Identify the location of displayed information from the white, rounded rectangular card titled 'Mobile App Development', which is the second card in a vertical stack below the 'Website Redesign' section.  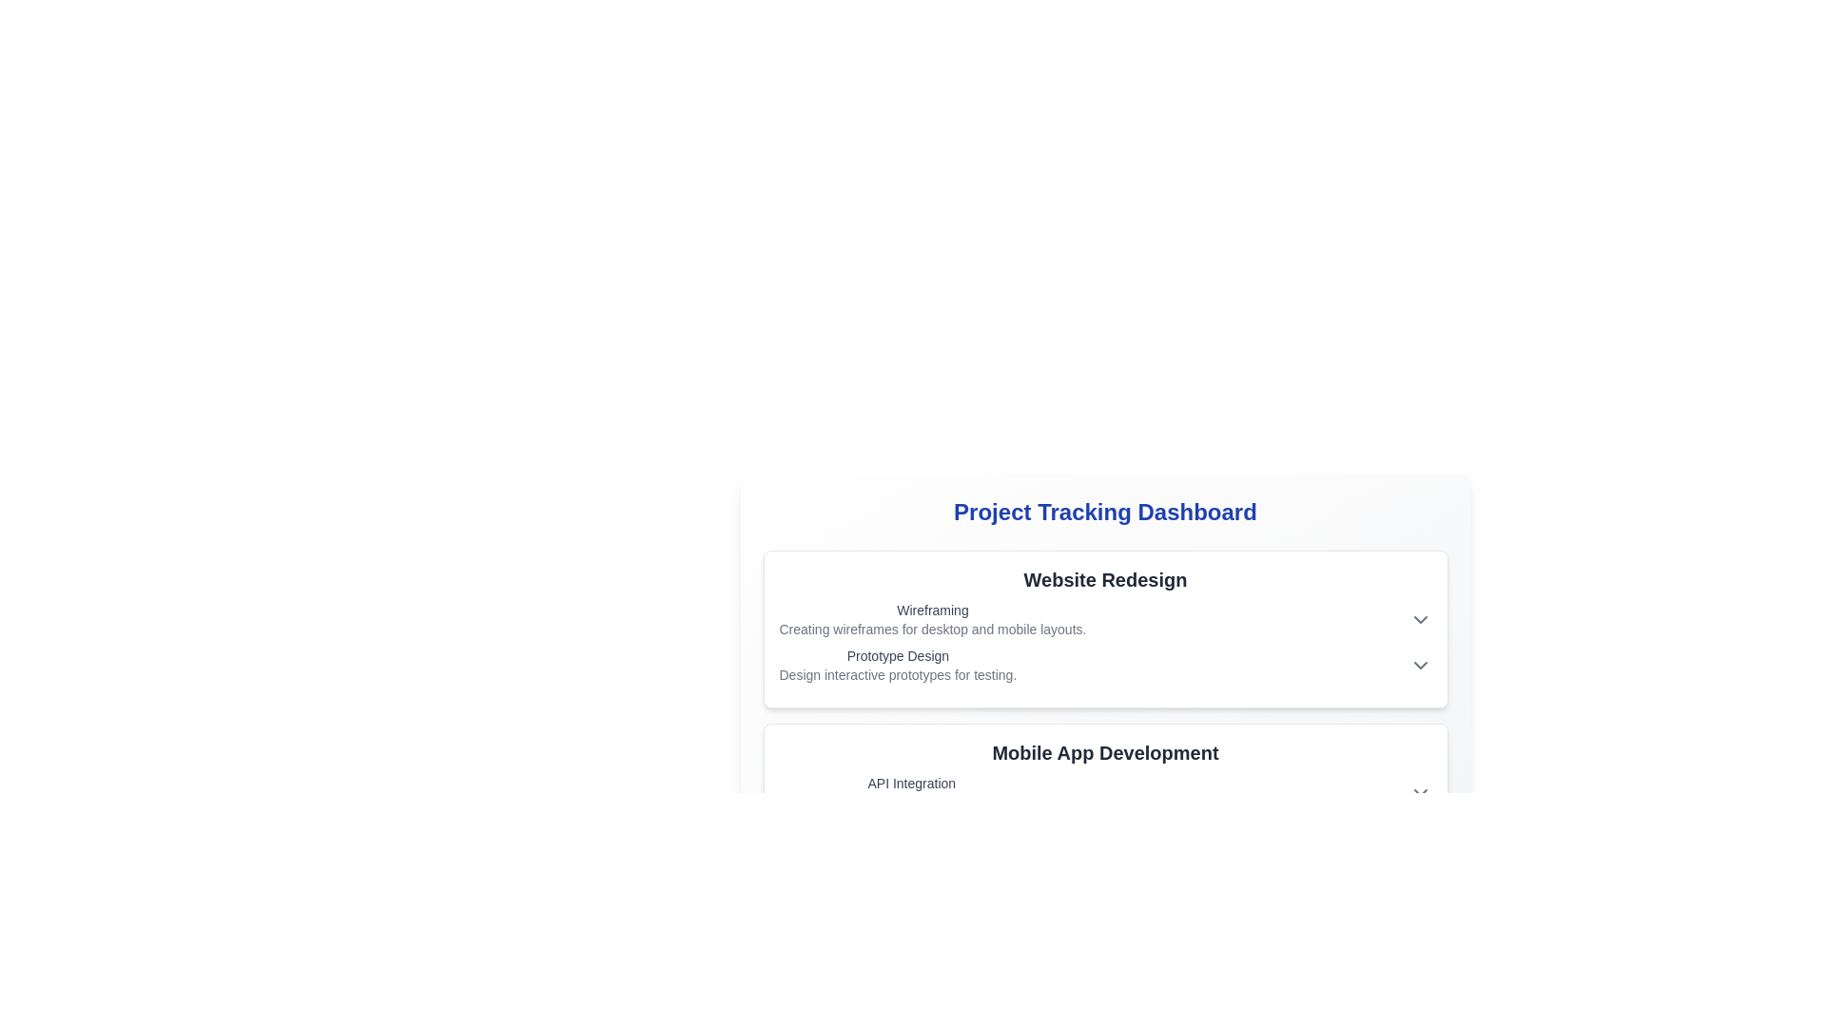
(1105, 803).